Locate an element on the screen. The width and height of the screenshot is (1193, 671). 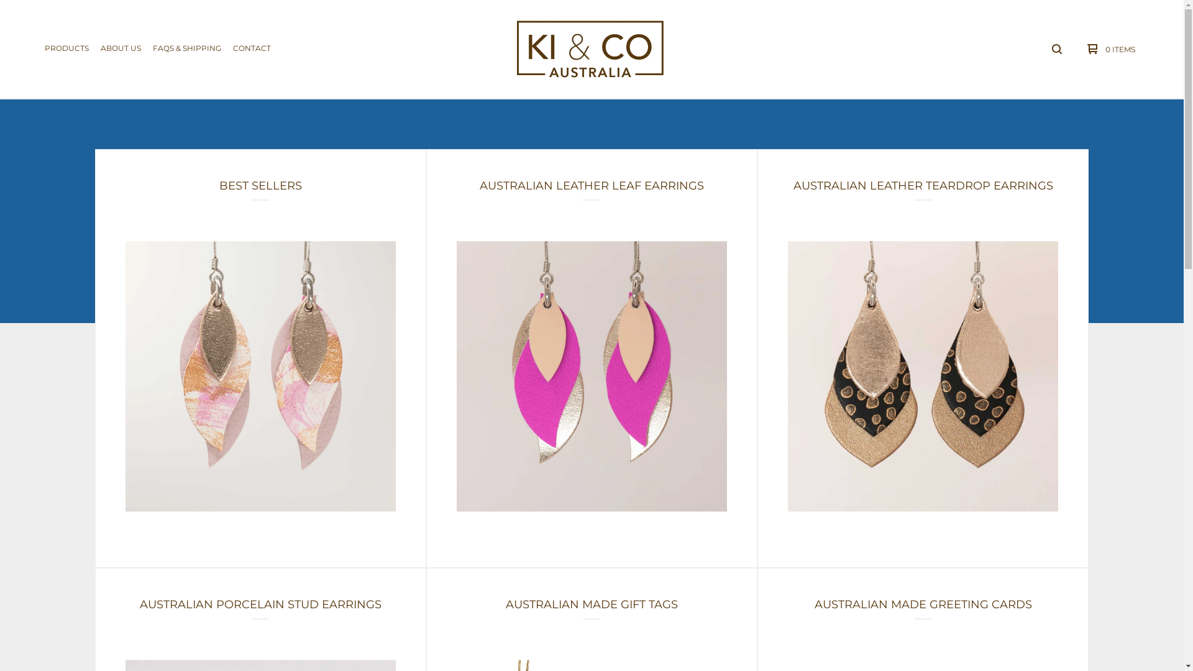
'FAQS & SHIPPING' is located at coordinates (186, 48).